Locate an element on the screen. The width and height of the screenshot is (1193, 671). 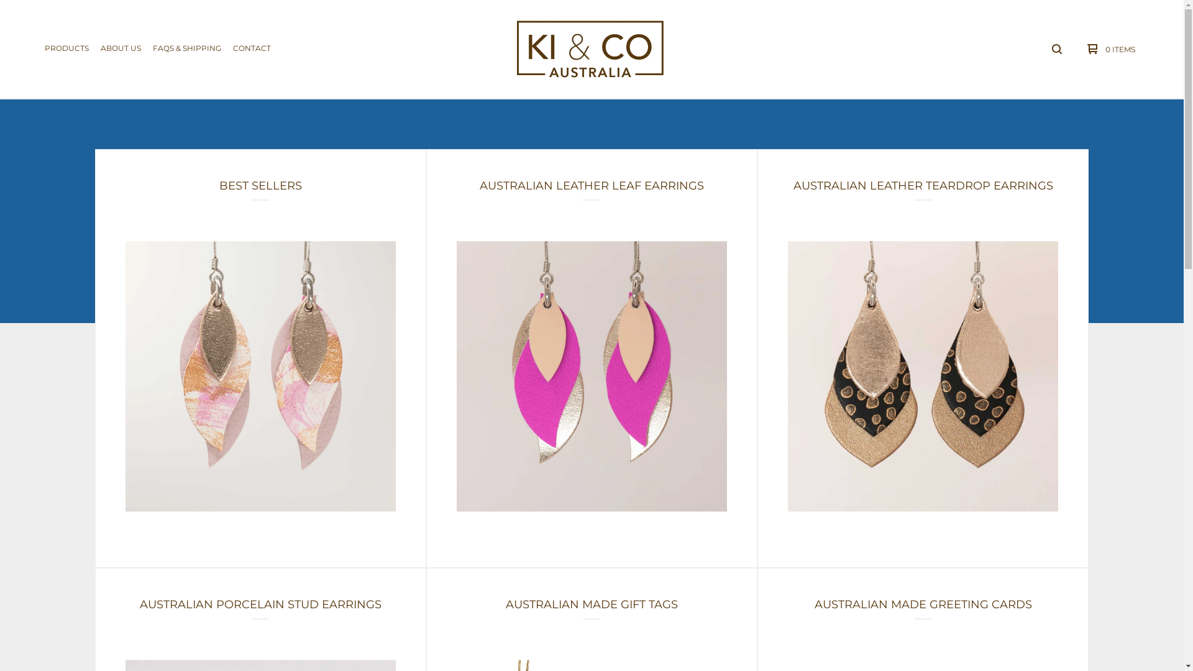
'FAQS & SHIPPING' is located at coordinates (186, 48).